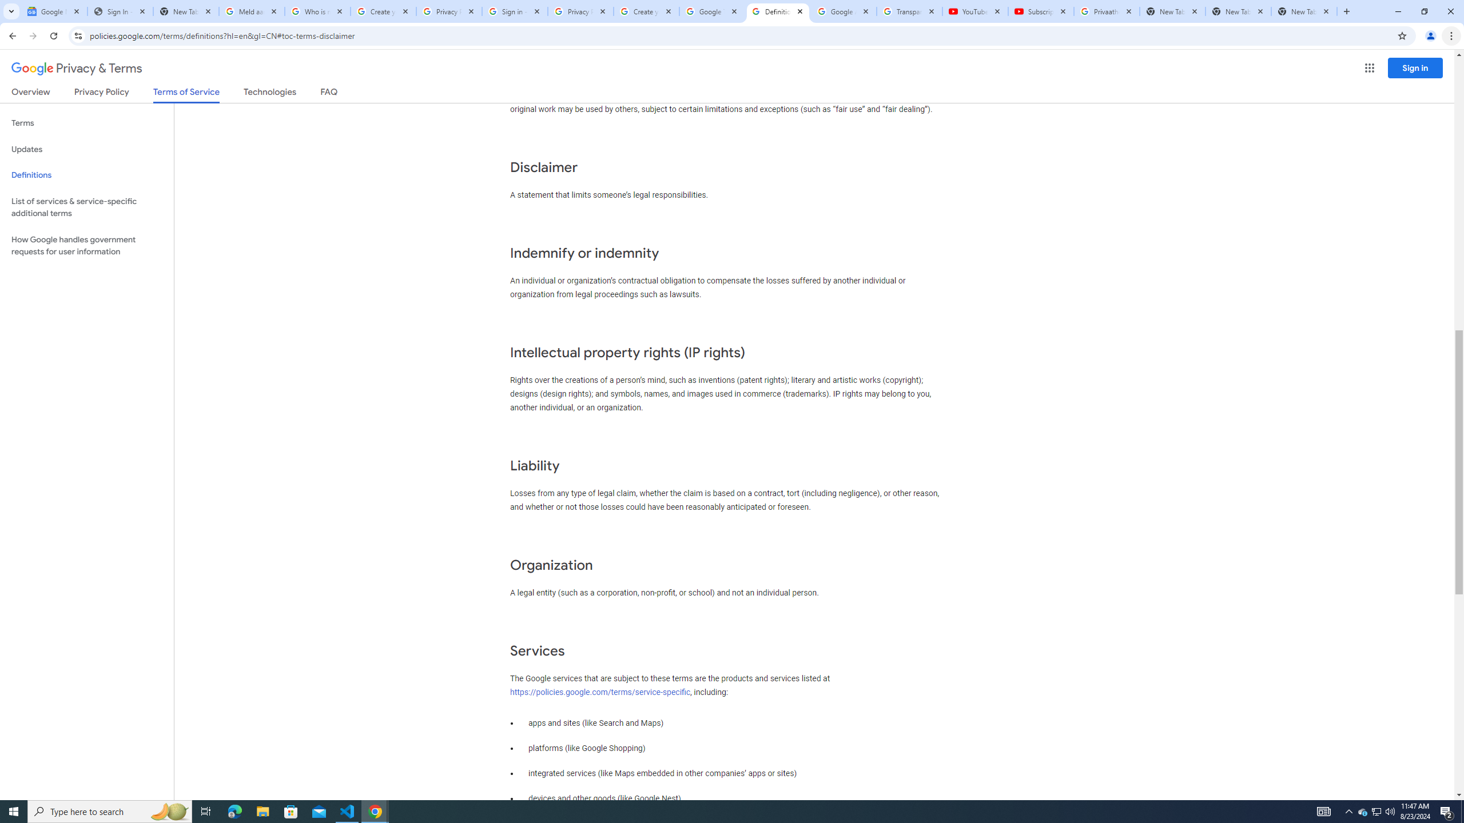 Image resolution: width=1464 pixels, height=823 pixels. What do you see at coordinates (1415, 67) in the screenshot?
I see `'Sign in'` at bounding box center [1415, 67].